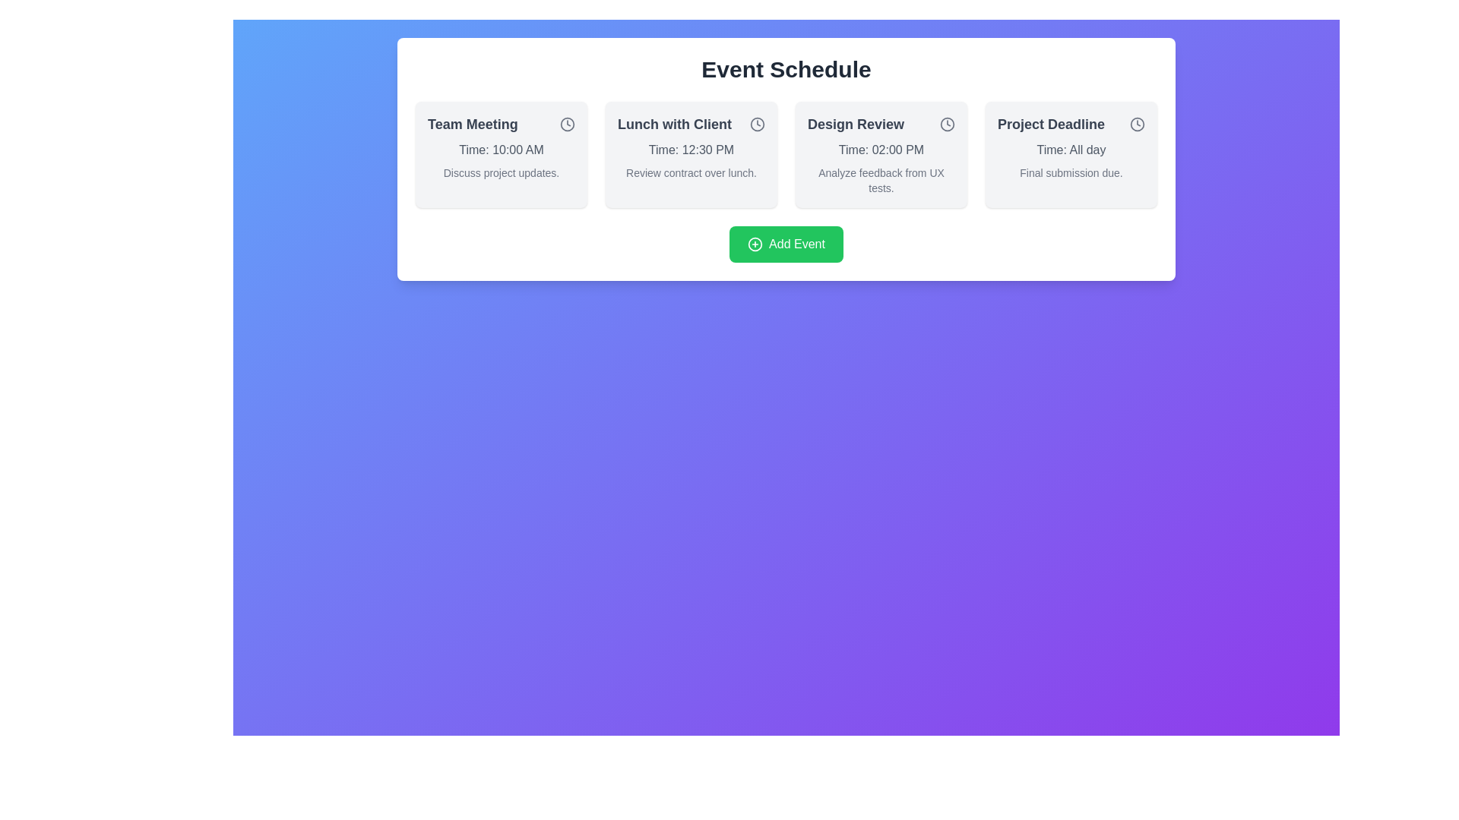  What do you see at coordinates (1071, 172) in the screenshot?
I see `the text label that displays 'Final submission due.' located at the bottom of the 'Project Deadline' card, which is aligned to the left and in a smaller gray font` at bounding box center [1071, 172].